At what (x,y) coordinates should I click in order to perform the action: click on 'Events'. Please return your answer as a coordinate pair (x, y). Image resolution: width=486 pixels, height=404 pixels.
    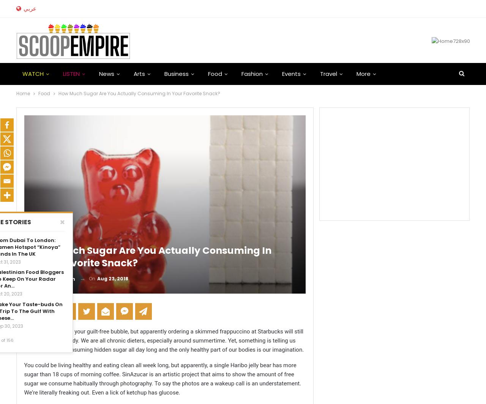
    Looking at the image, I should click on (290, 73).